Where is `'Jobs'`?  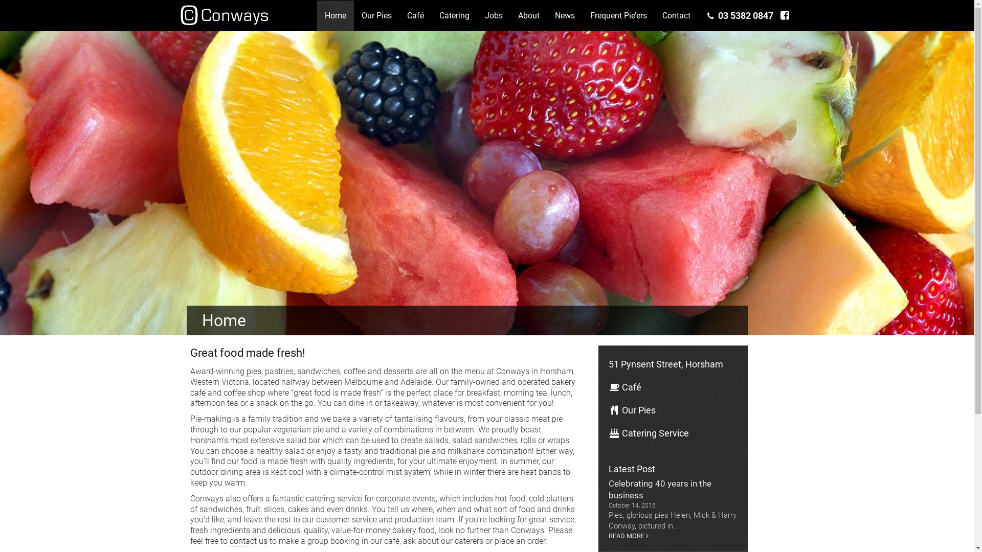
'Jobs' is located at coordinates (494, 15).